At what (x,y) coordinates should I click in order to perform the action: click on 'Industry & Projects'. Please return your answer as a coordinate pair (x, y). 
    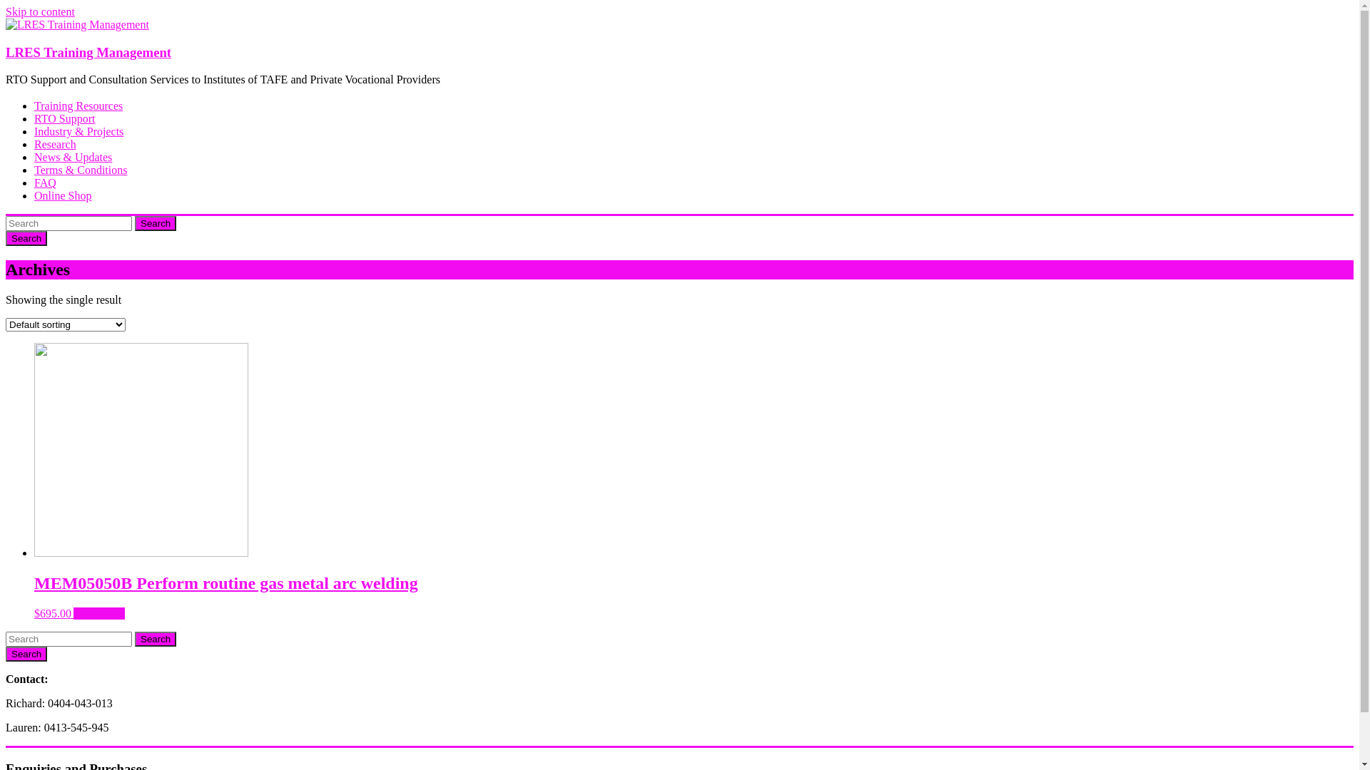
    Looking at the image, I should click on (78, 131).